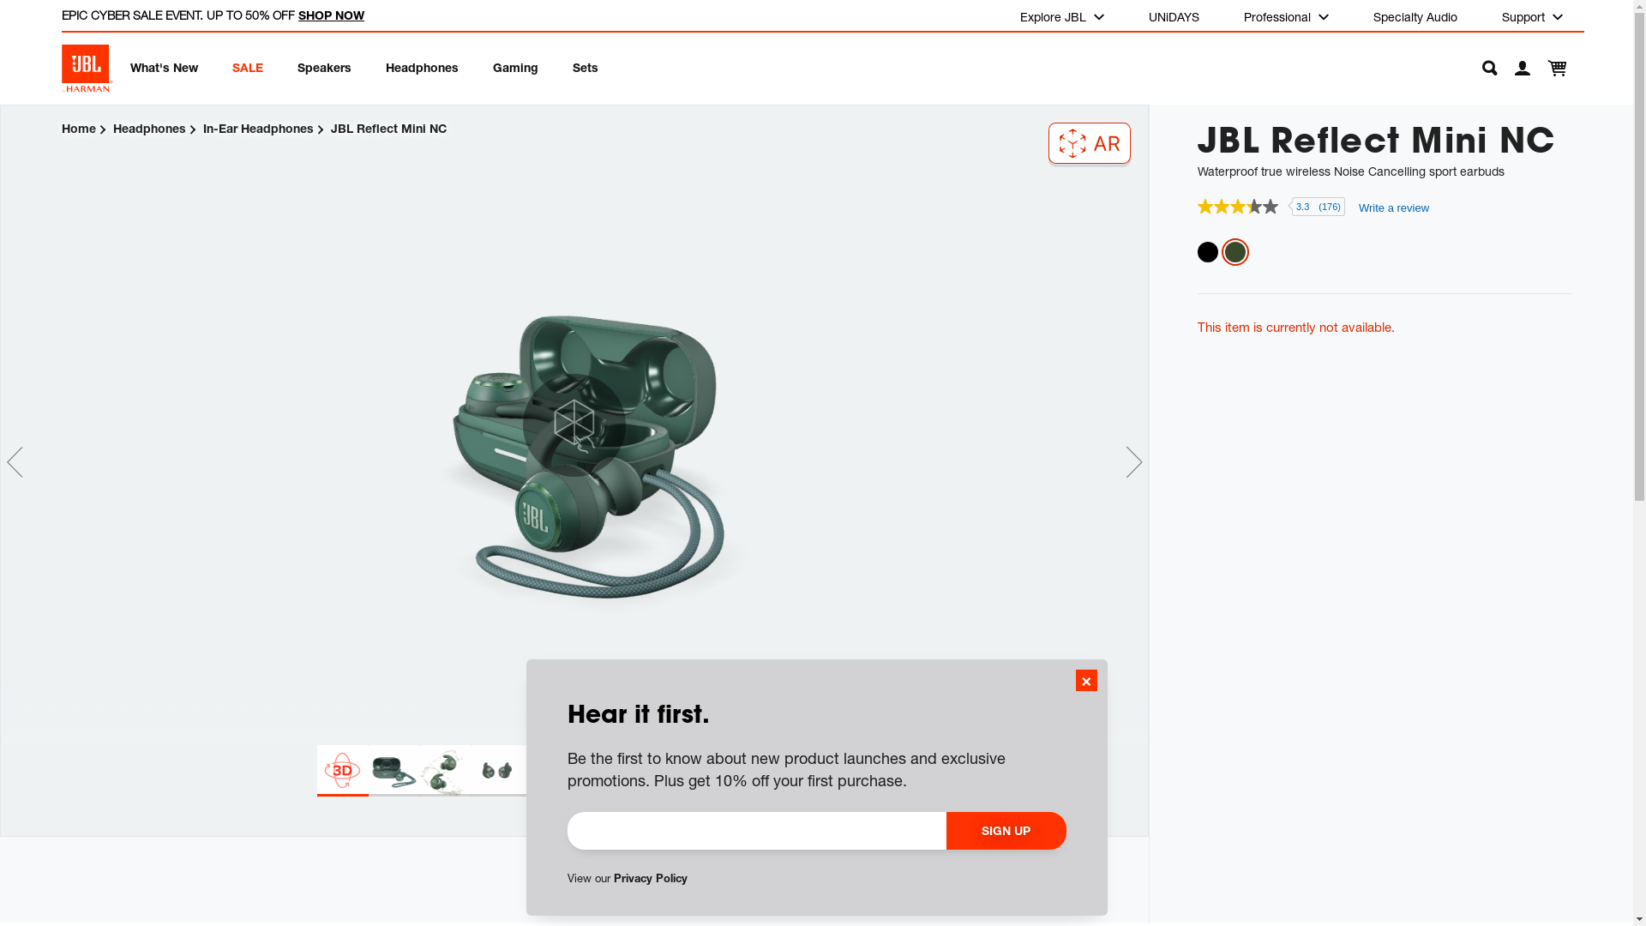 This screenshot has width=1646, height=926. Describe the element at coordinates (77, 128) in the screenshot. I see `'Home'` at that location.